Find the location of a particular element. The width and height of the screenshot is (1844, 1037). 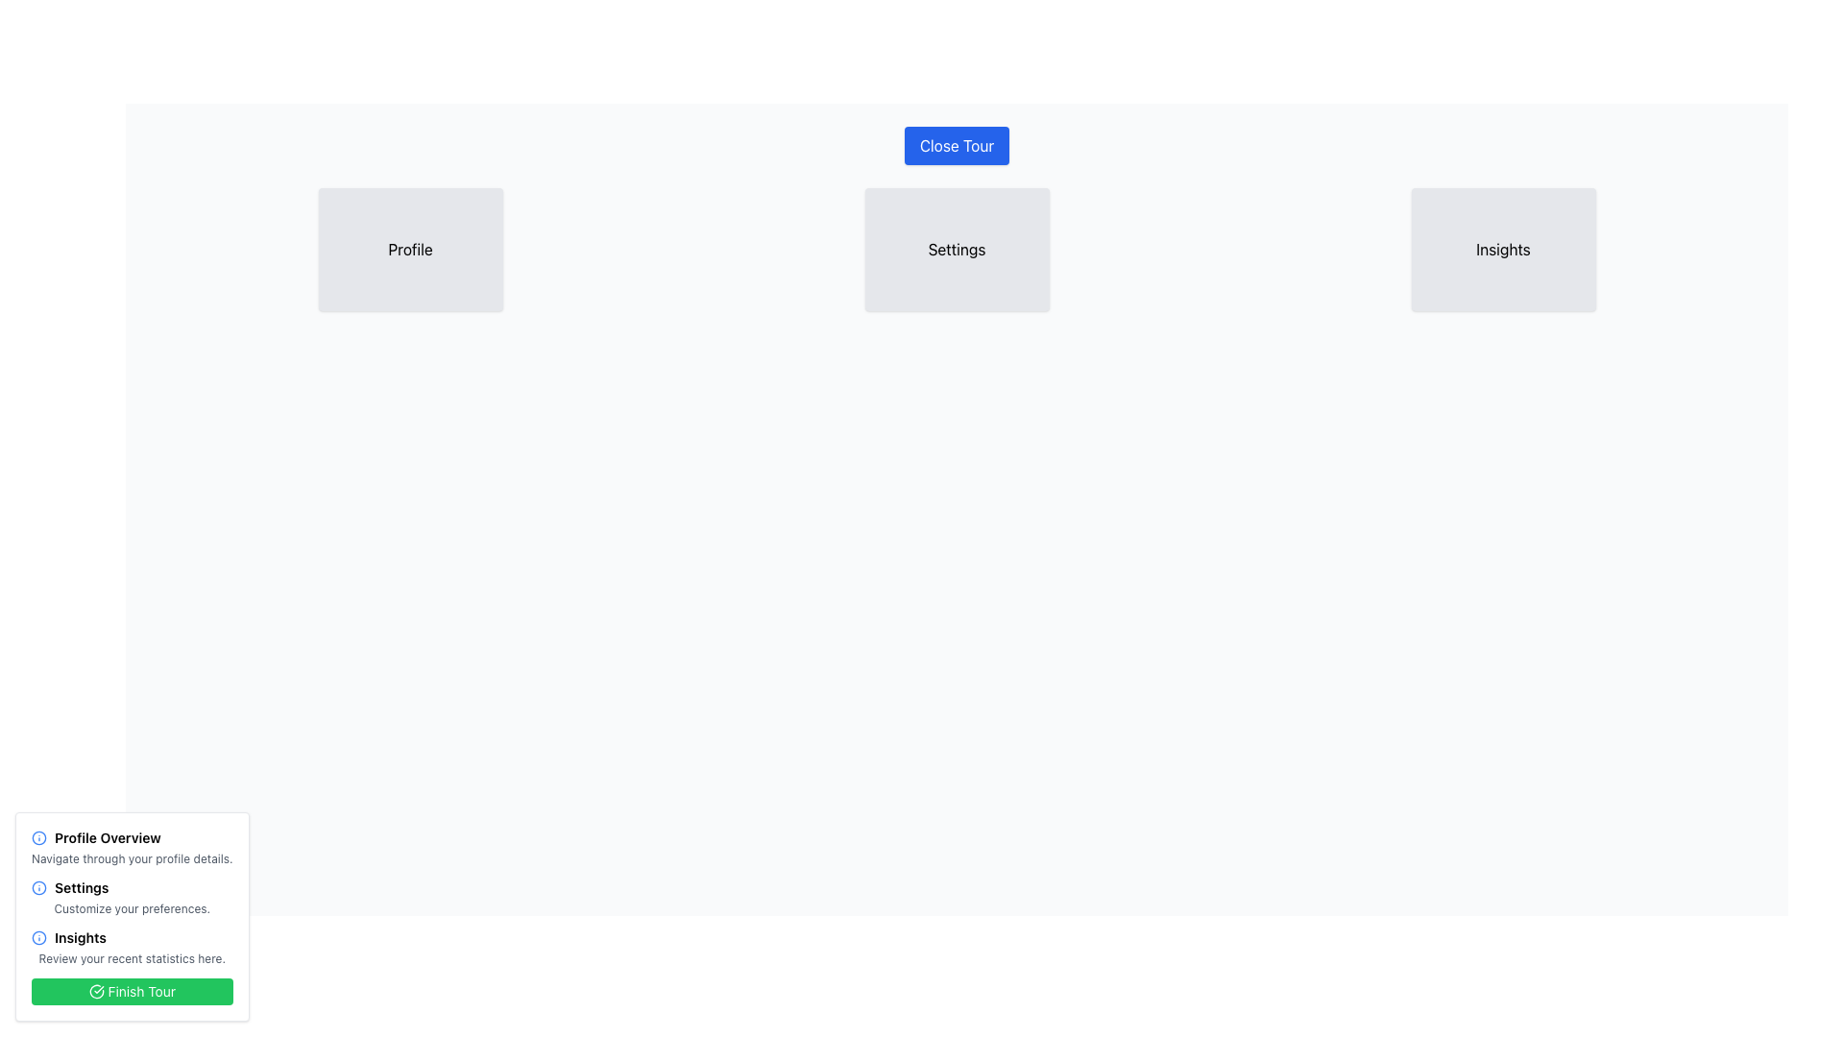

the 'Insights' icon located in the sidebar menu, which is the third icon following 'Profile Overview' and 'Settings' is located at coordinates (39, 936).